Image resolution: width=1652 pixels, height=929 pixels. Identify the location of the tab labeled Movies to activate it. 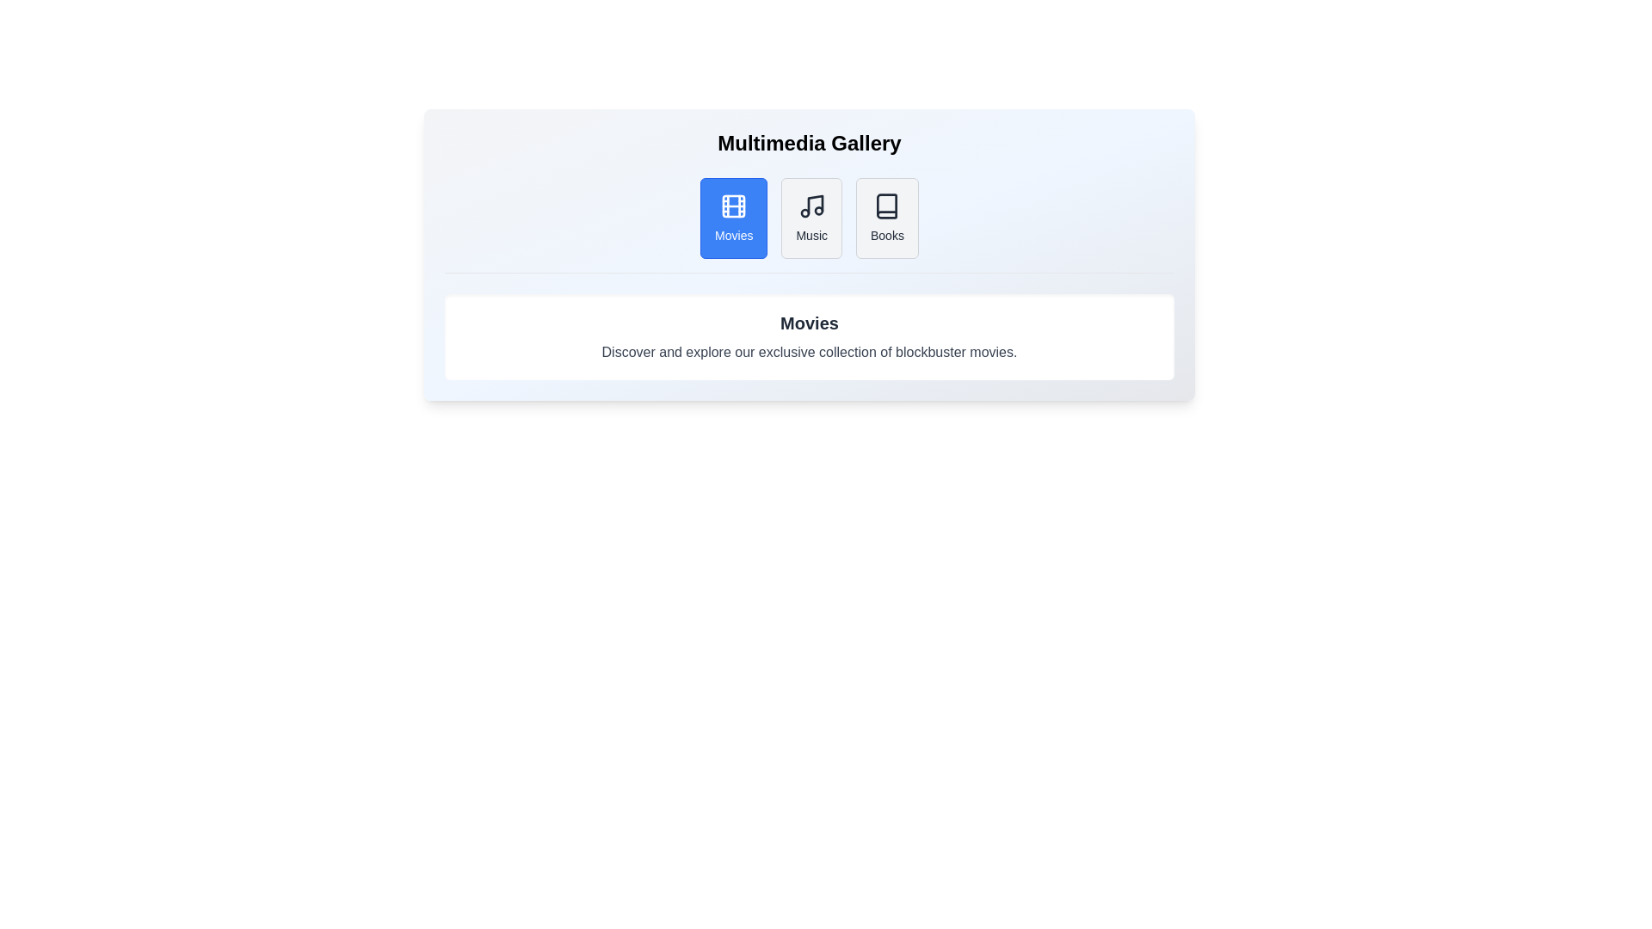
(734, 218).